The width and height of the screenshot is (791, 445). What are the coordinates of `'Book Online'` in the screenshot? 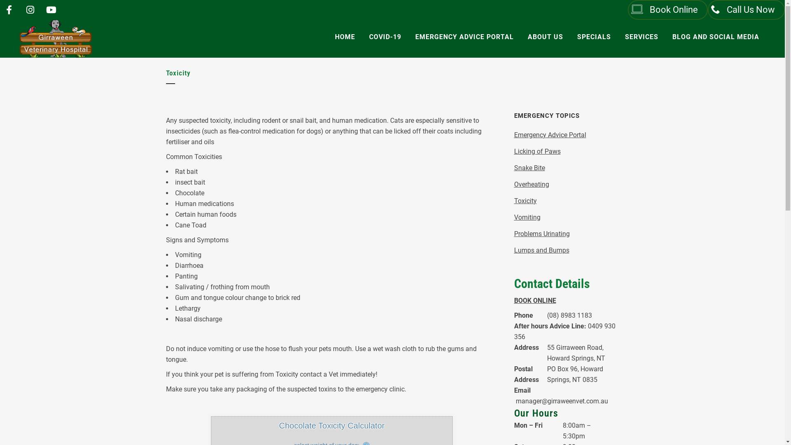 It's located at (668, 9).